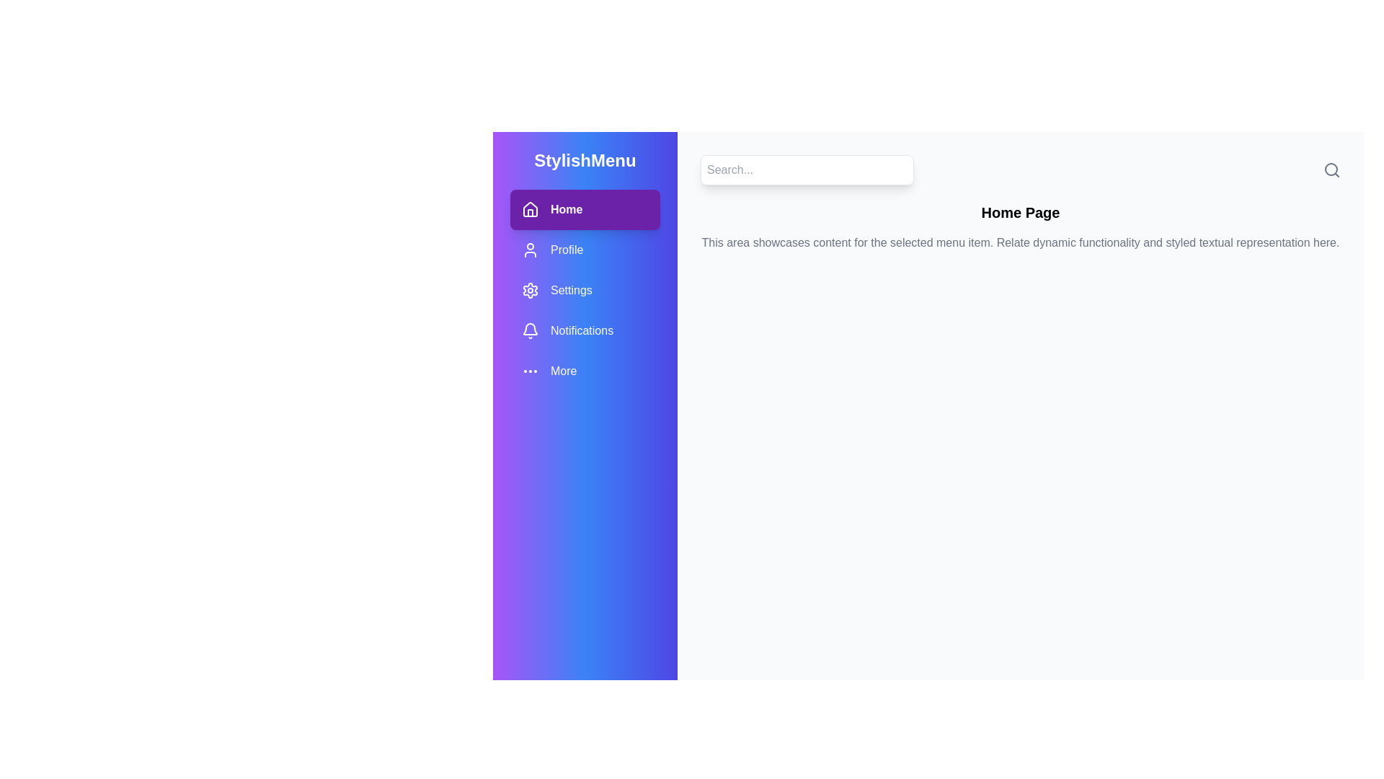 This screenshot has height=779, width=1384. Describe the element at coordinates (585, 331) in the screenshot. I see `the menu item Notifications to navigate to the corresponding page` at that location.